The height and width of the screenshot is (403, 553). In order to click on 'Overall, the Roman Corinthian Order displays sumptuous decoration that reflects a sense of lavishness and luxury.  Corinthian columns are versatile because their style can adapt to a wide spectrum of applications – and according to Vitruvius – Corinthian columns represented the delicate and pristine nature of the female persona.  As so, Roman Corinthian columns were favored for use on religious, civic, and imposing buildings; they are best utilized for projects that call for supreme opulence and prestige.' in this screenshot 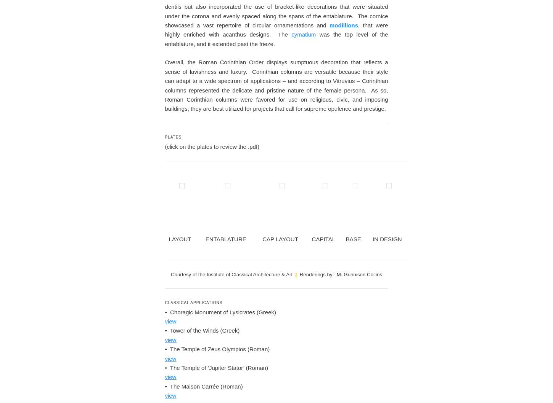, I will do `click(164, 321)`.